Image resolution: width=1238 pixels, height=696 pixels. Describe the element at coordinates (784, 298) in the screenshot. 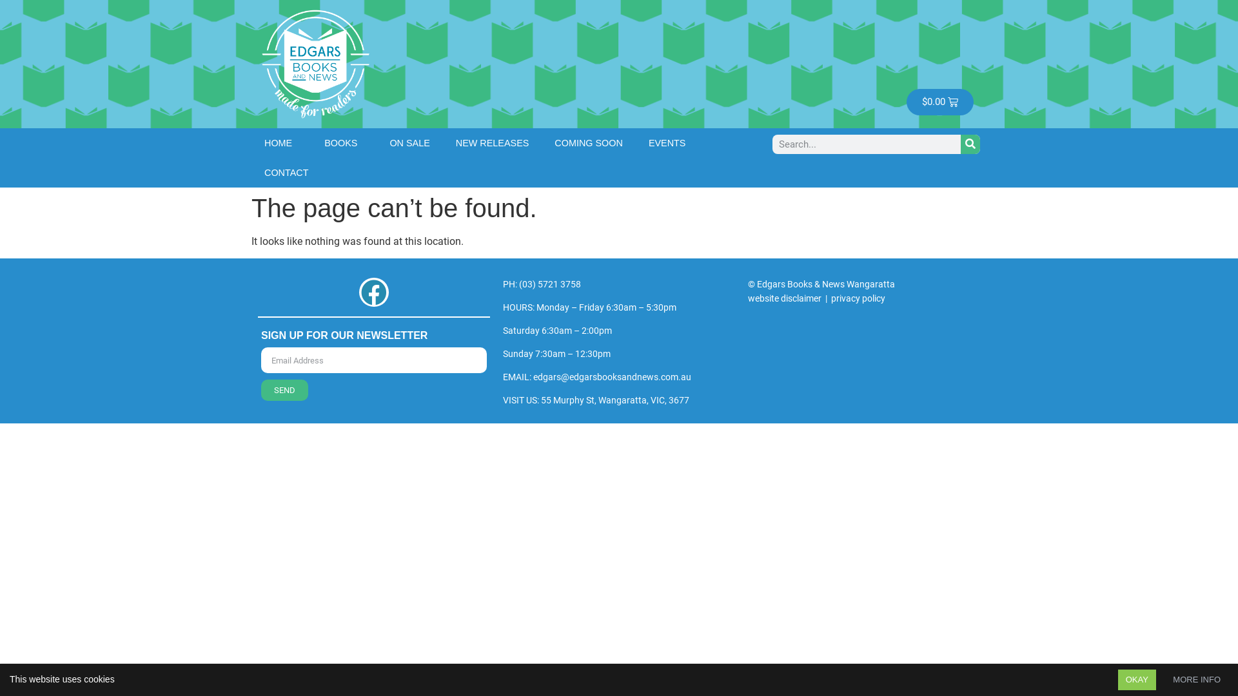

I see `'website disclaimer'` at that location.